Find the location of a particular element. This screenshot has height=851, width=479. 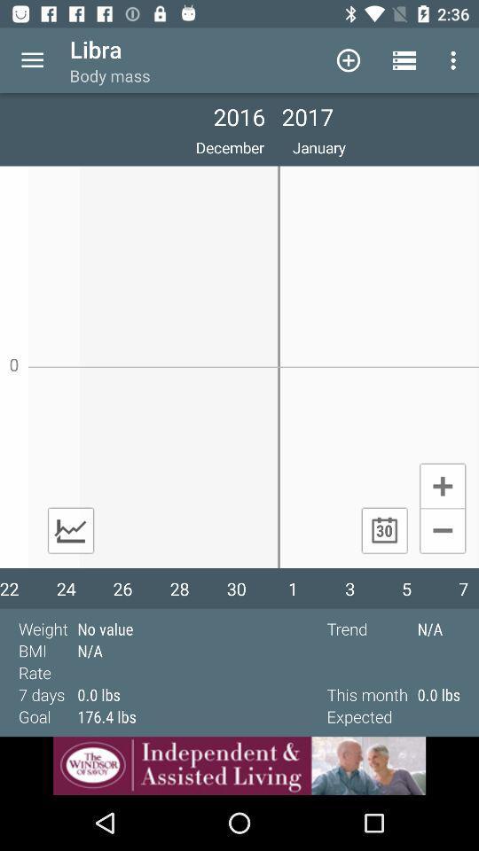

zoom out is located at coordinates (442, 532).